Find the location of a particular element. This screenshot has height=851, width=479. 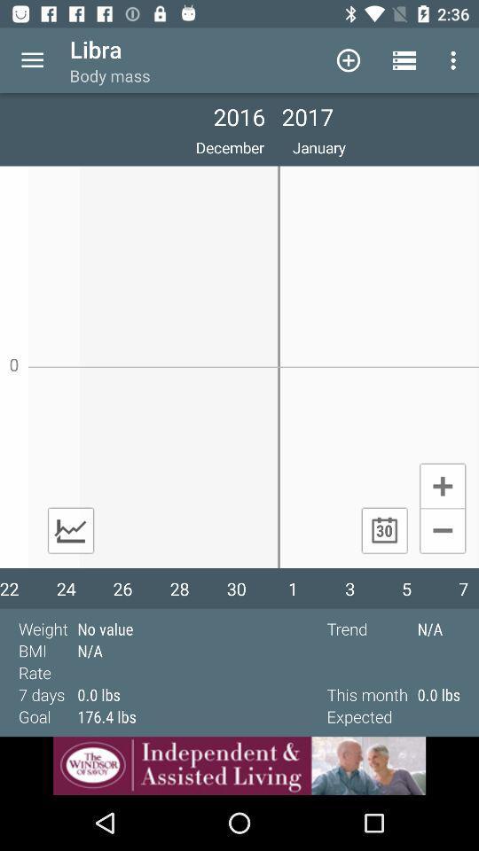

zoom out is located at coordinates (442, 532).